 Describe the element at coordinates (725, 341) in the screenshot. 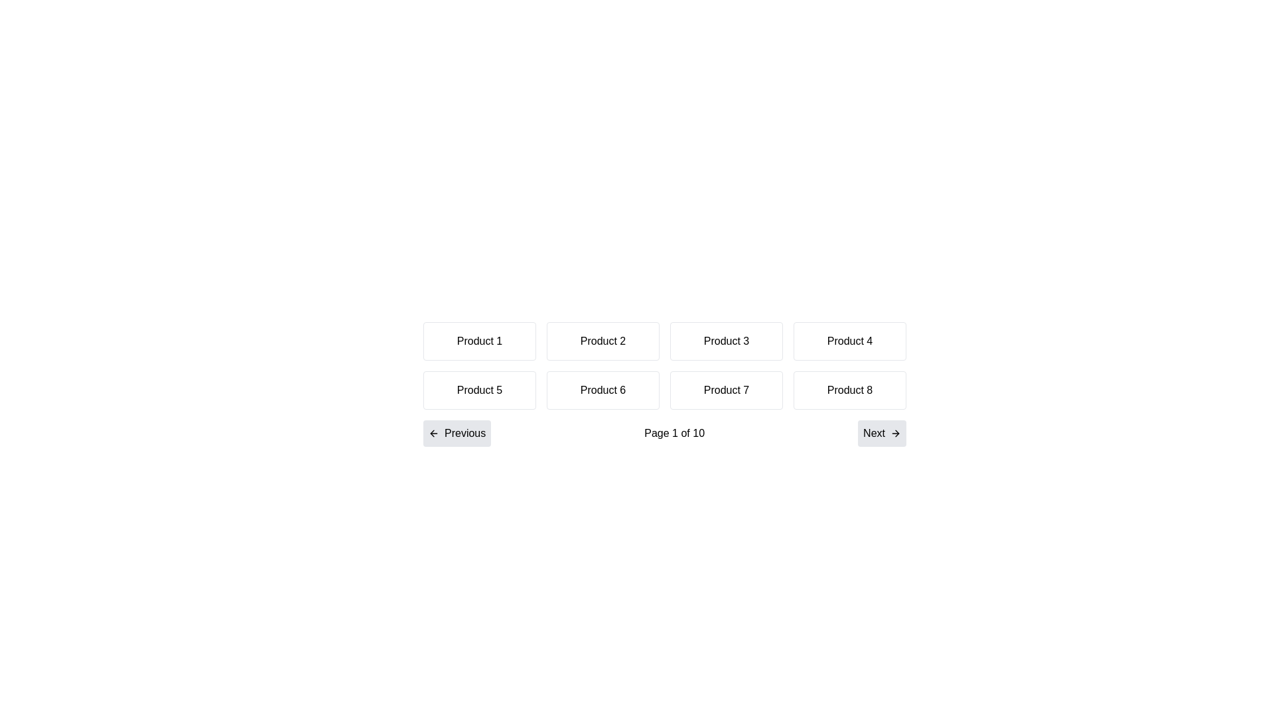

I see `the button labeled 'Product 3'` at that location.